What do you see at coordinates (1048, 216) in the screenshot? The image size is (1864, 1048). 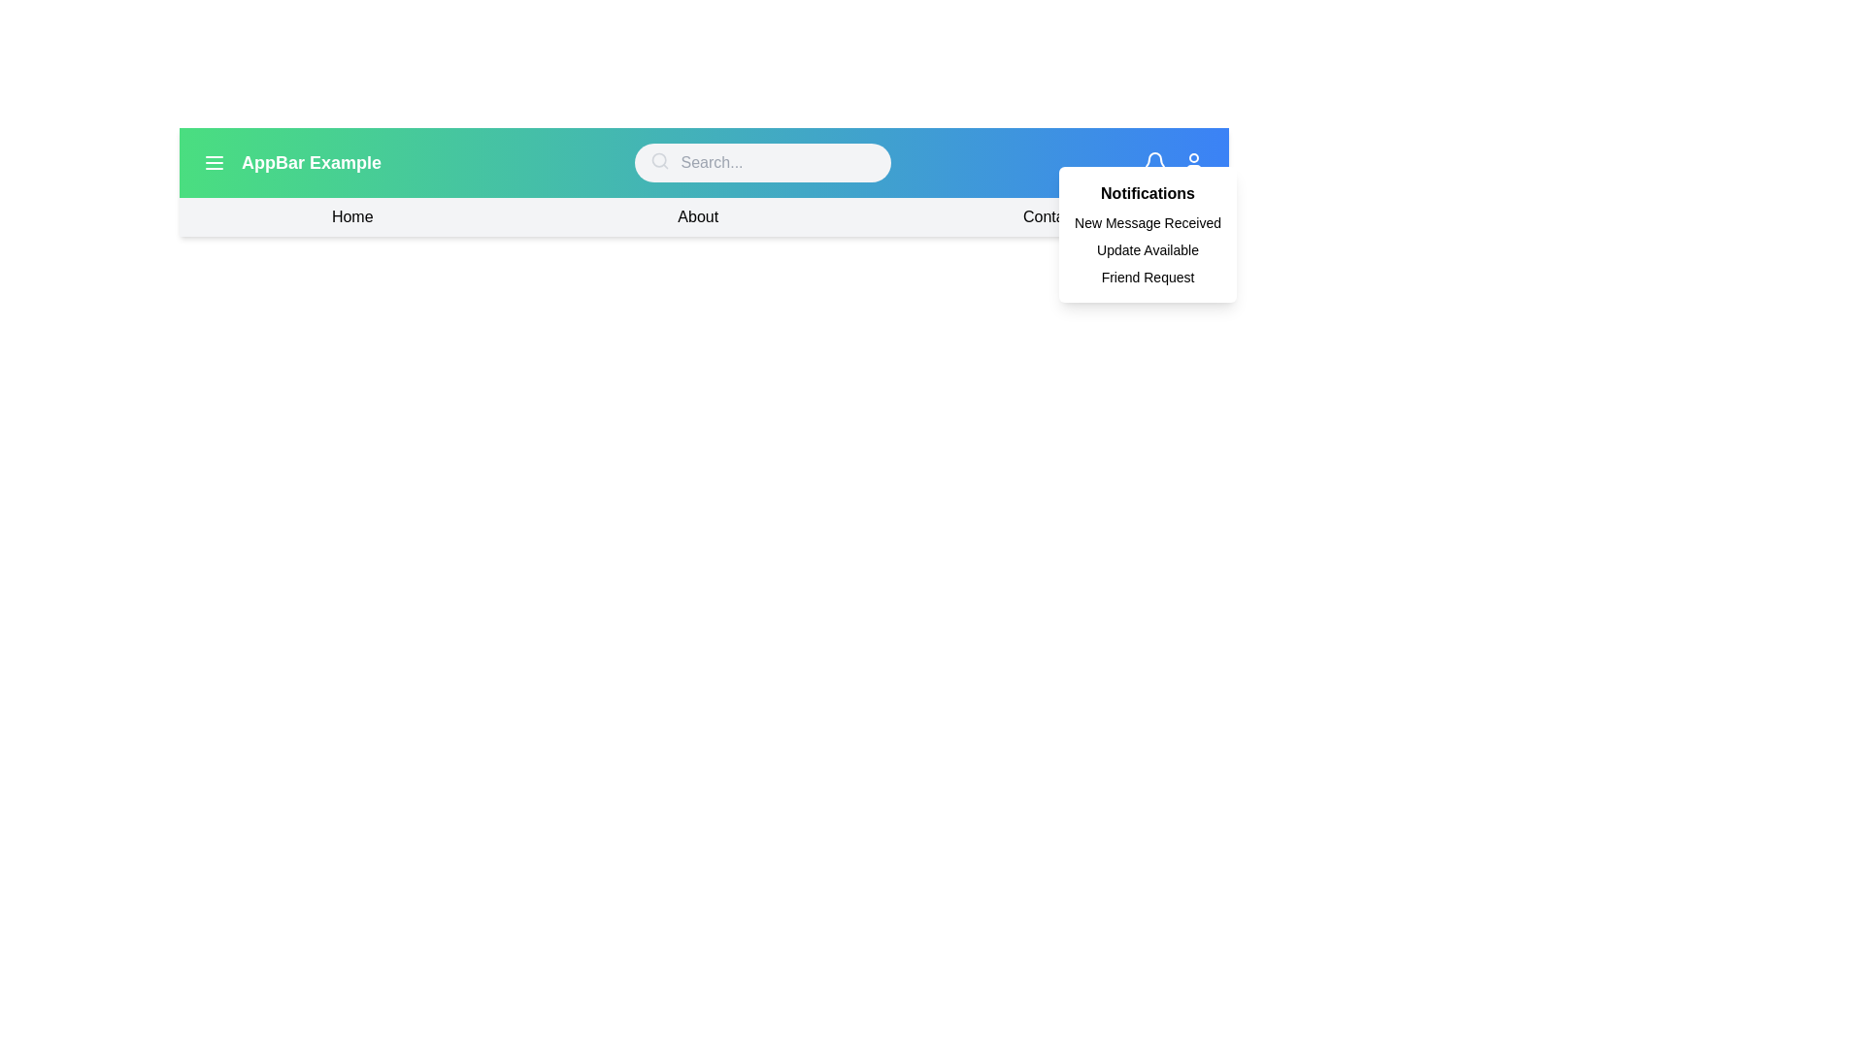 I see `the navigation link Contact to navigate to the corresponding section` at bounding box center [1048, 216].